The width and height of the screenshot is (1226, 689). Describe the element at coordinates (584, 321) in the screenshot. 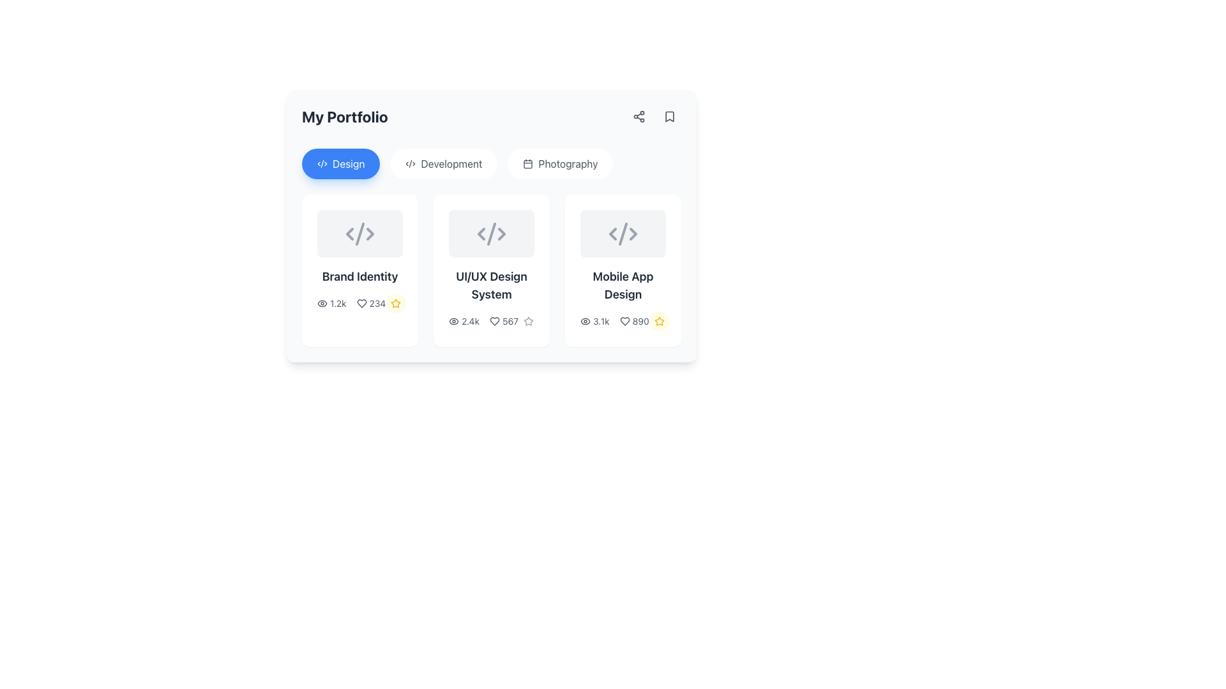

I see `SVG properties of the eye icon element, which is part of an SVG graphic located at the center of the 24x24 viewport` at that location.